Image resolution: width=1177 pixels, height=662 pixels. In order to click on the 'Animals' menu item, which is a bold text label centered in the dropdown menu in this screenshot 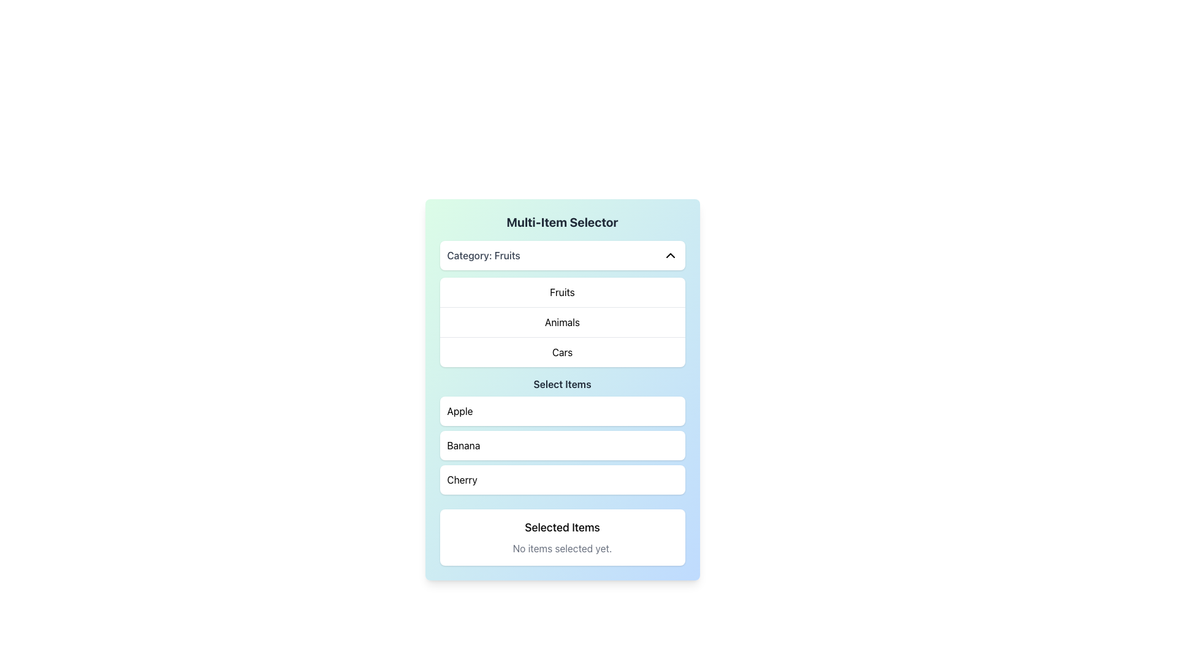, I will do `click(562, 321)`.